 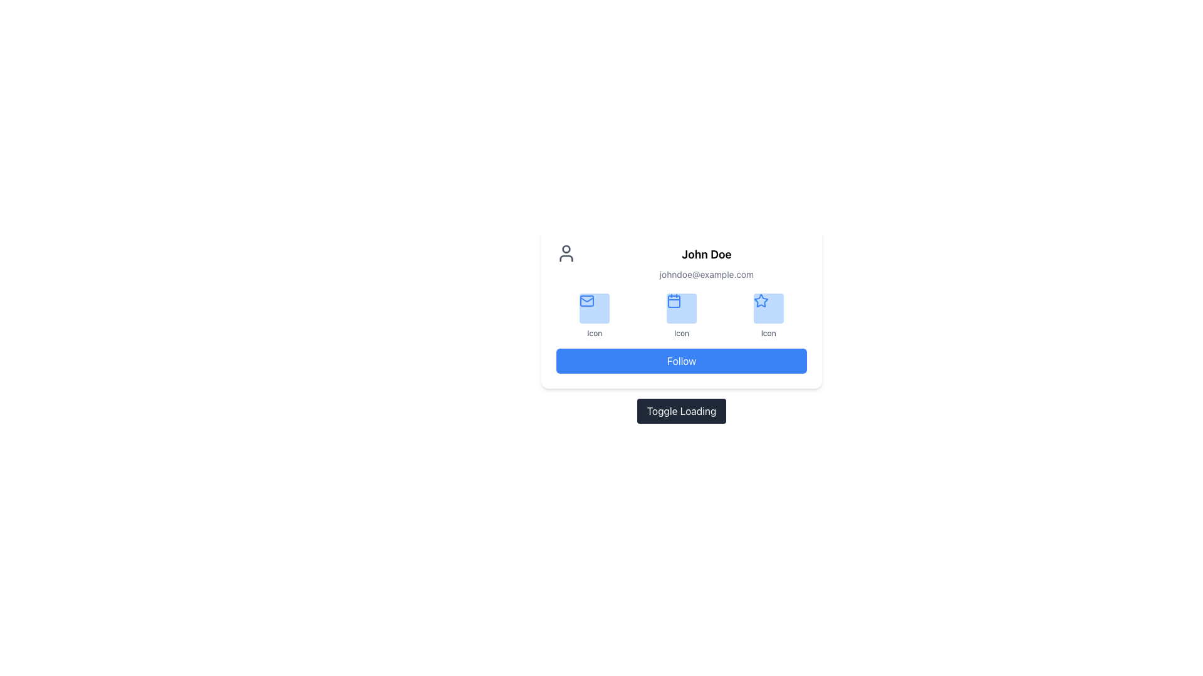 I want to click on the Text Label displaying the name 'John Doe' located at the top center of the card-like section, so click(x=707, y=254).